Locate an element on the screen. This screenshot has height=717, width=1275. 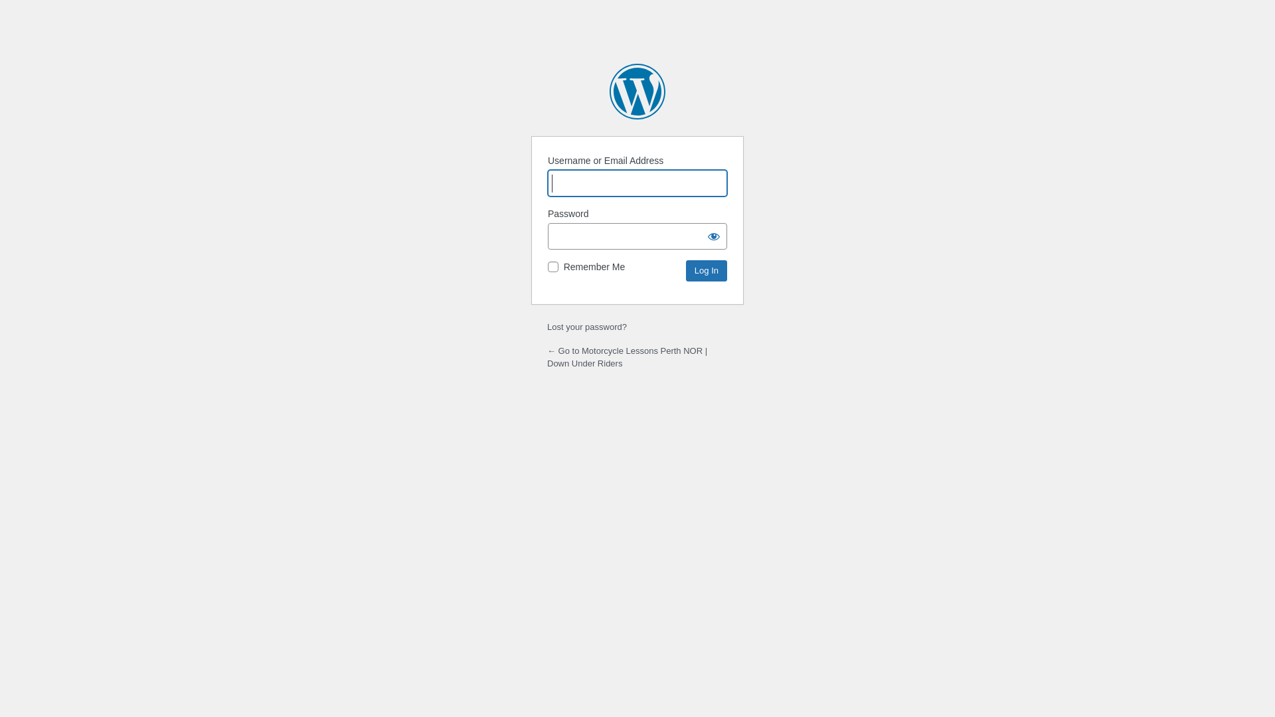
'Log In' is located at coordinates (706, 270).